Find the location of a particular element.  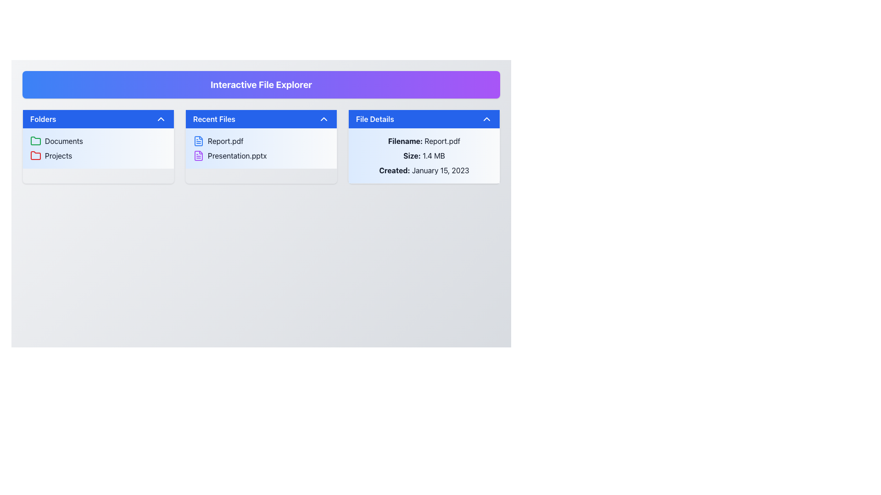

the 'Filename:' text label located in the 'File Details' section, which is positioned to the left of the file name 'Report.pdf' is located at coordinates (405, 141).